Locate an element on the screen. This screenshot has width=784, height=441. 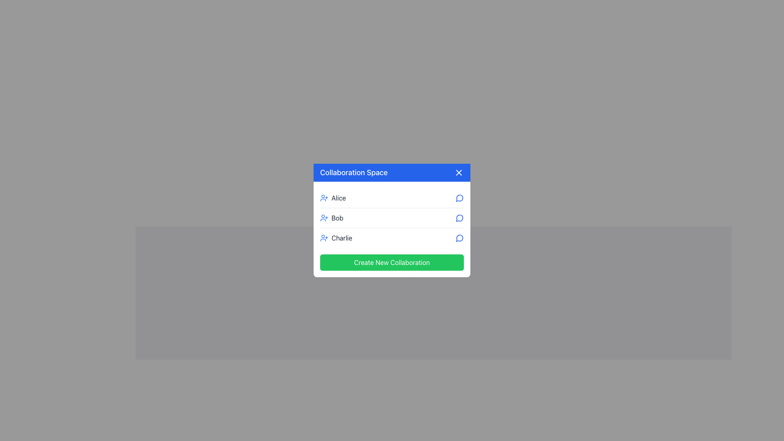
the 'Create New Collaboration' button located at the bottom edge of the 'Collaboration Space' modal is located at coordinates (392, 263).